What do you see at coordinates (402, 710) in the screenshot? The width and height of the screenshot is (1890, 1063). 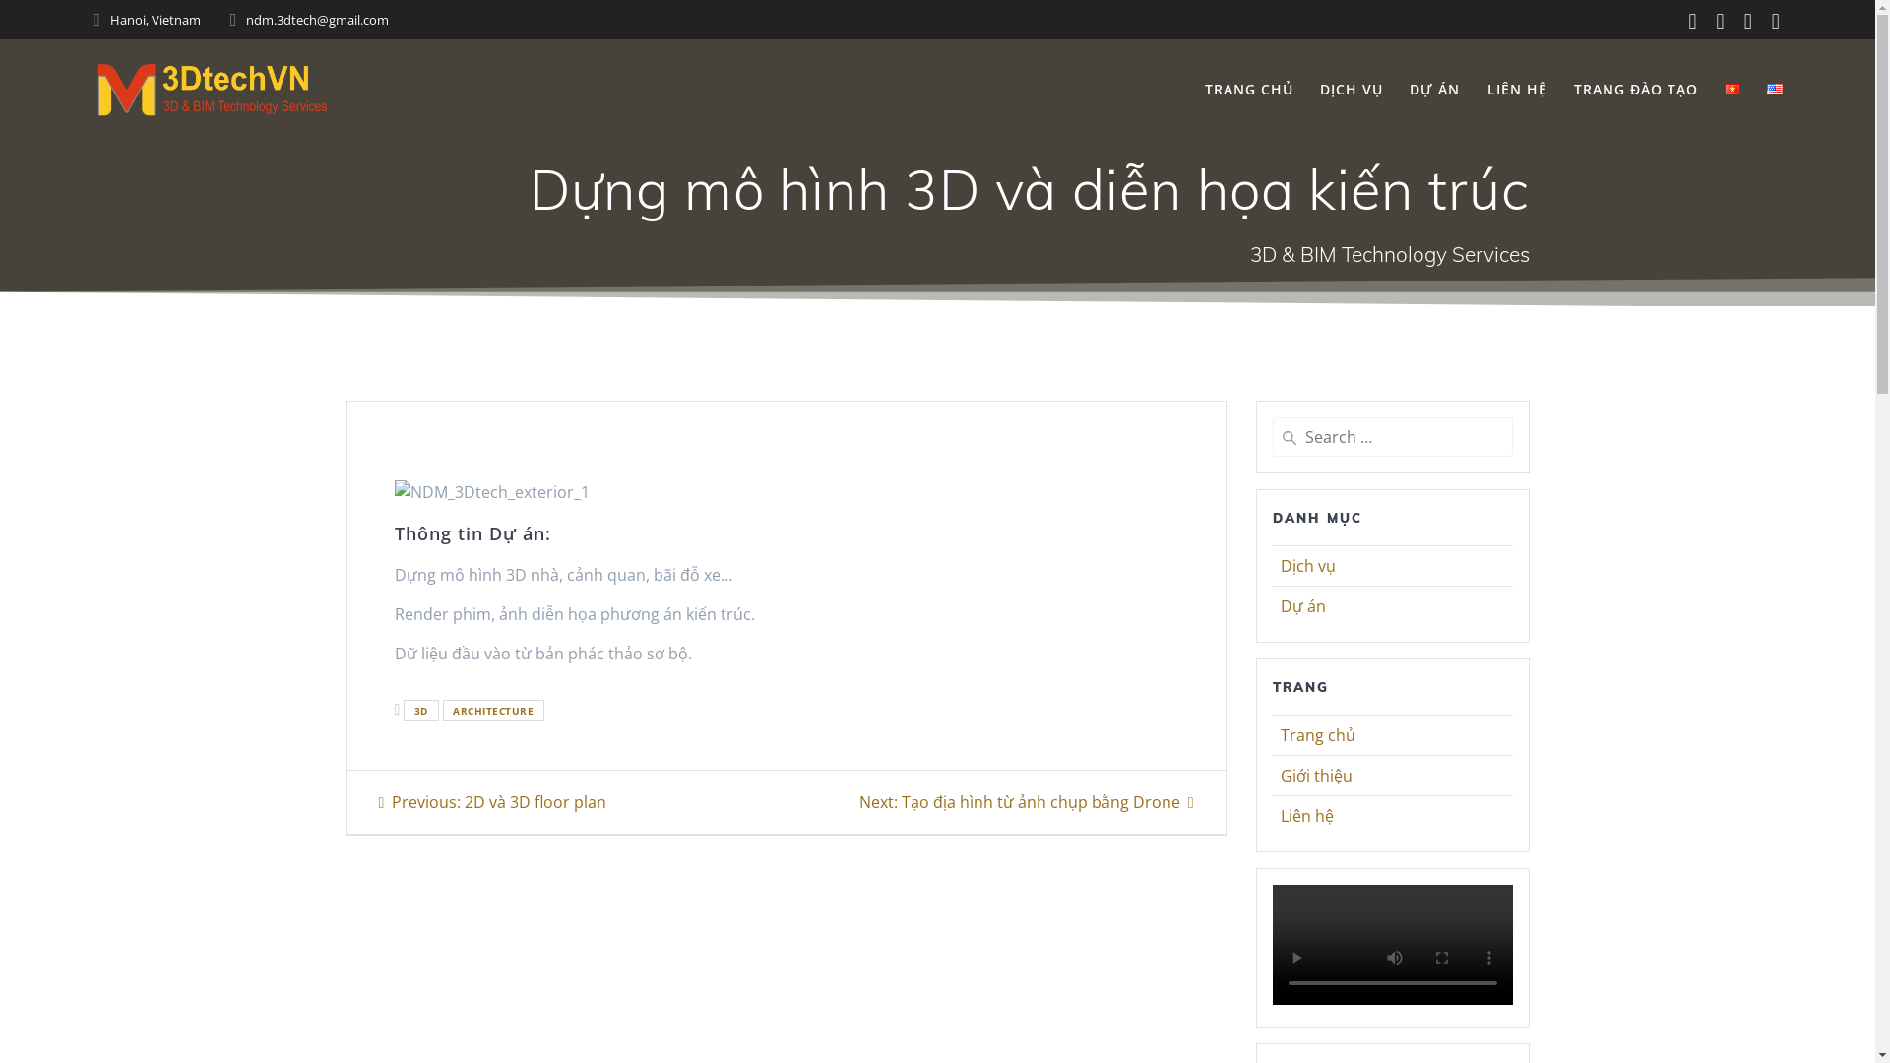 I see `'3D'` at bounding box center [402, 710].